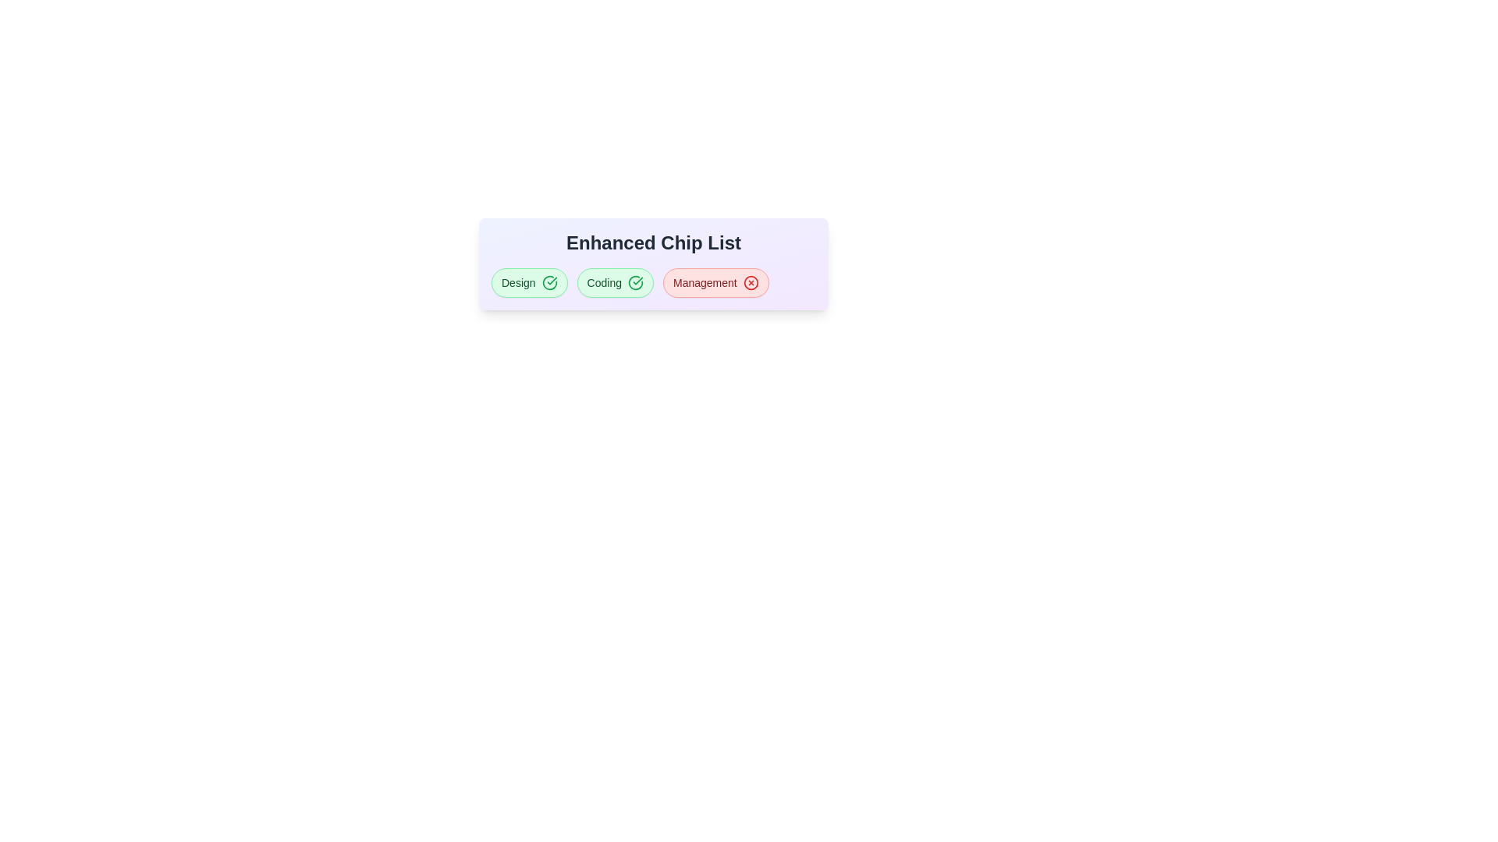 The width and height of the screenshot is (1498, 842). Describe the element at coordinates (614, 282) in the screenshot. I see `the tag labeled Coding to toggle its active state` at that location.